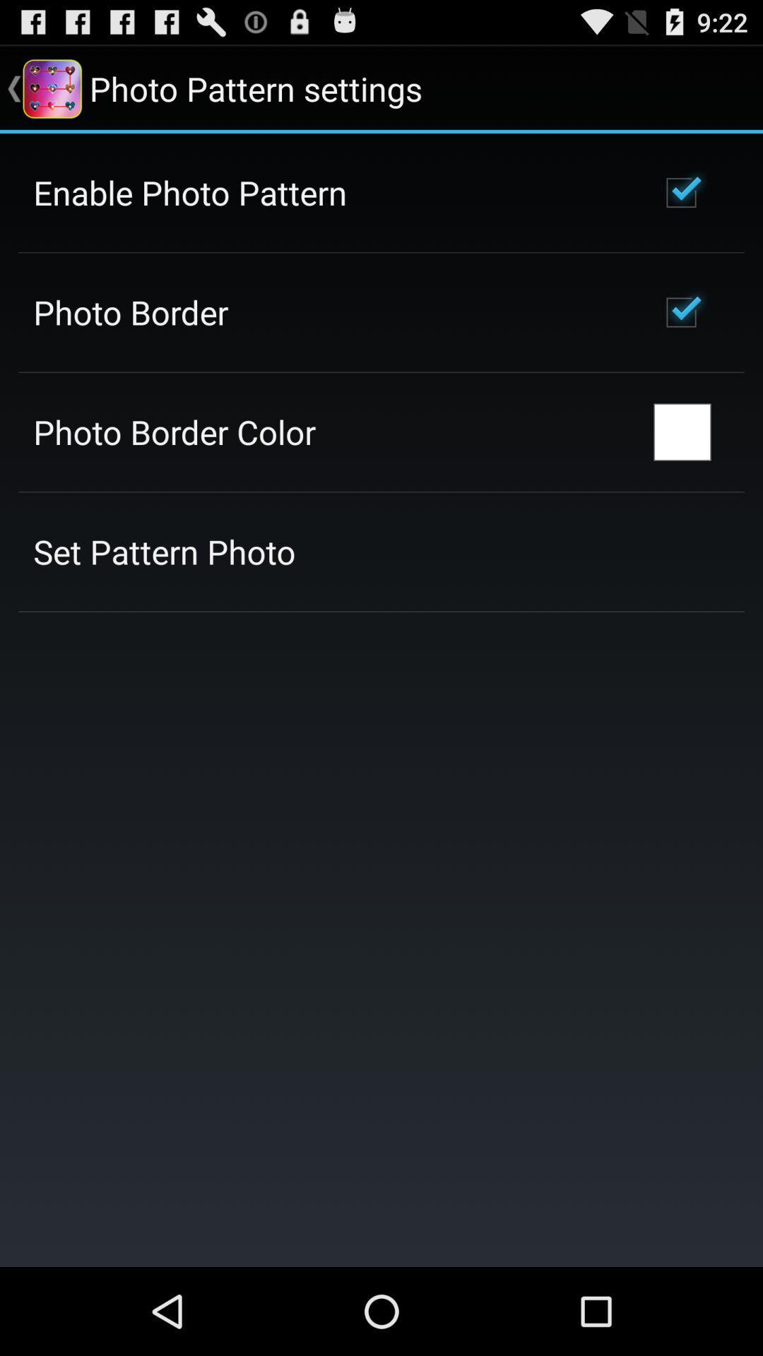  What do you see at coordinates (681, 431) in the screenshot?
I see `the icon to the right of photo border color` at bounding box center [681, 431].